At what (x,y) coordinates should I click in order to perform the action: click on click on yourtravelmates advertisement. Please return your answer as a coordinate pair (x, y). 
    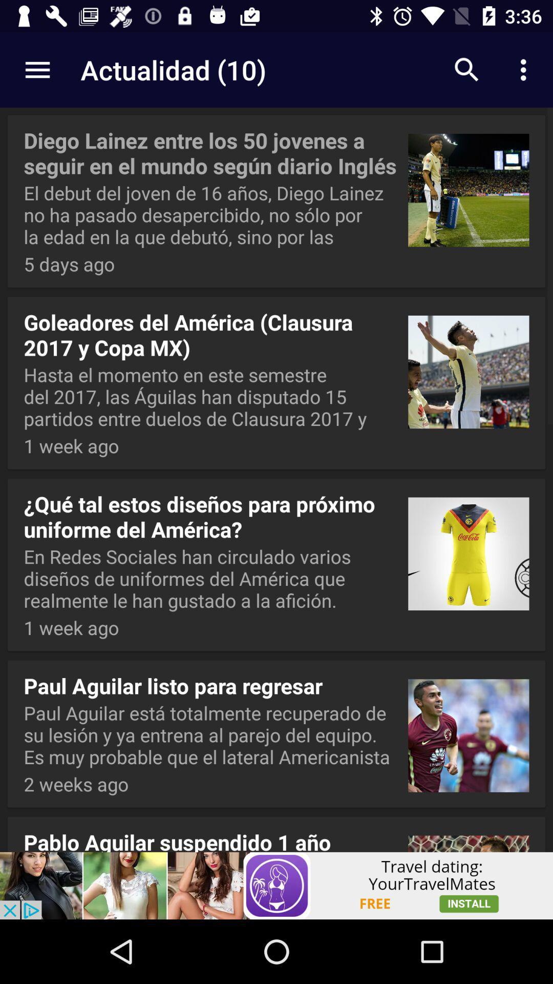
    Looking at the image, I should click on (276, 885).